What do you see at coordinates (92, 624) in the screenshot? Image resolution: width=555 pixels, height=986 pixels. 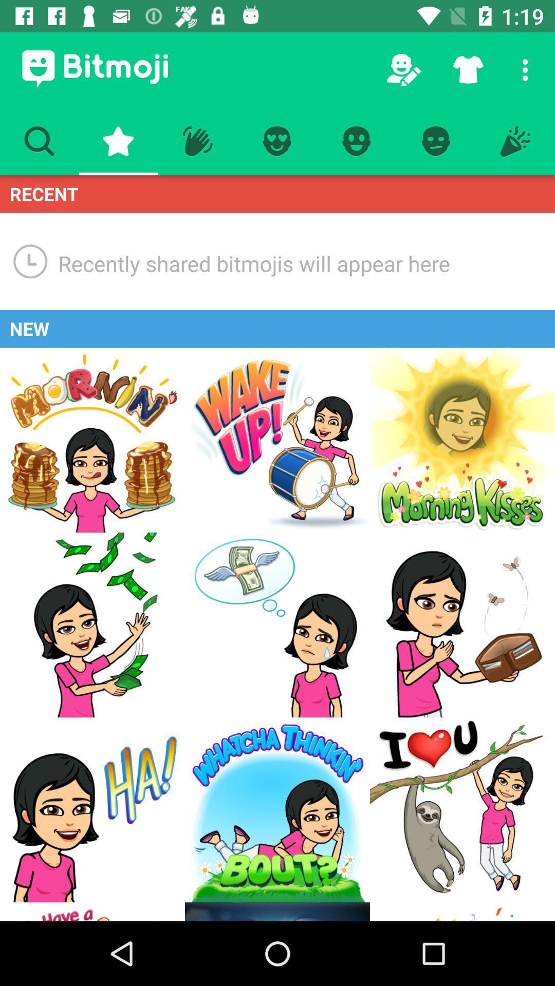 I see `emoji of a smiling girl` at bounding box center [92, 624].